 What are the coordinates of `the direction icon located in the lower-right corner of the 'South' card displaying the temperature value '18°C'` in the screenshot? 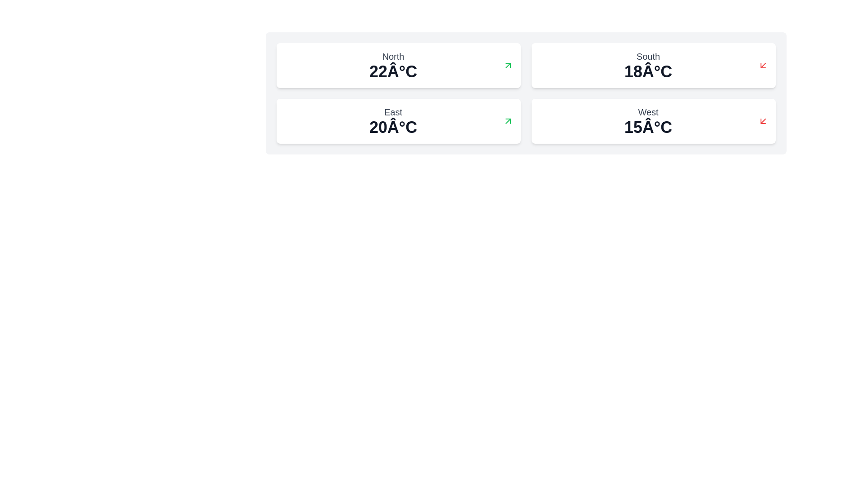 It's located at (762, 65).